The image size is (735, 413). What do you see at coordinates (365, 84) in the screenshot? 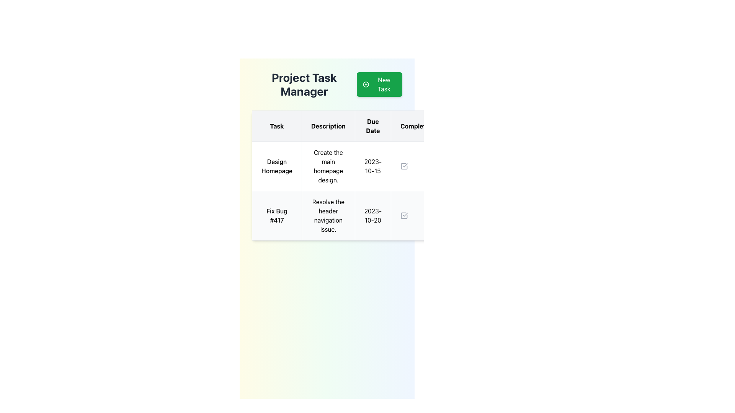
I see `the circular outline of the SVG icon that represents a '+' symbol, located to the right of the 'New Task' button` at bounding box center [365, 84].